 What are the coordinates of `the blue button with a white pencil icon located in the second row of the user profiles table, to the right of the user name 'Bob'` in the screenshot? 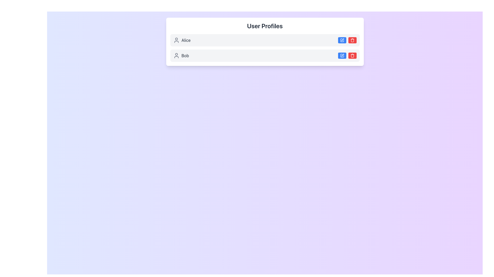 It's located at (342, 55).